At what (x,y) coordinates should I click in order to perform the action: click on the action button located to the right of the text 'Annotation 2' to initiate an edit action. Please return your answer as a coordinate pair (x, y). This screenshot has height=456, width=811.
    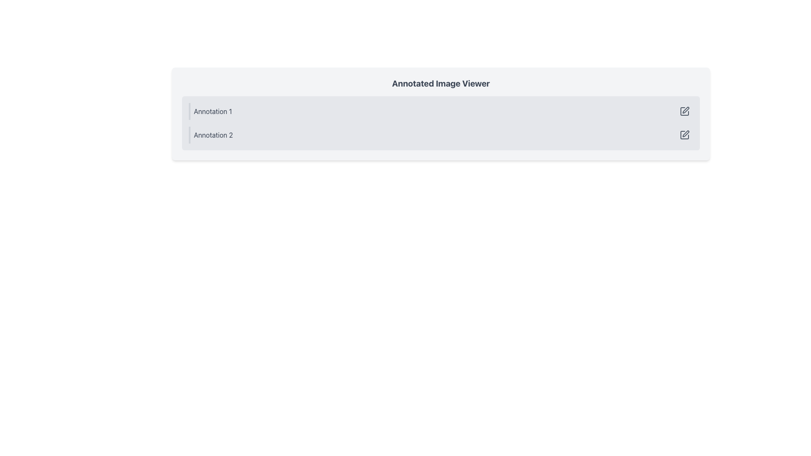
    Looking at the image, I should click on (685, 135).